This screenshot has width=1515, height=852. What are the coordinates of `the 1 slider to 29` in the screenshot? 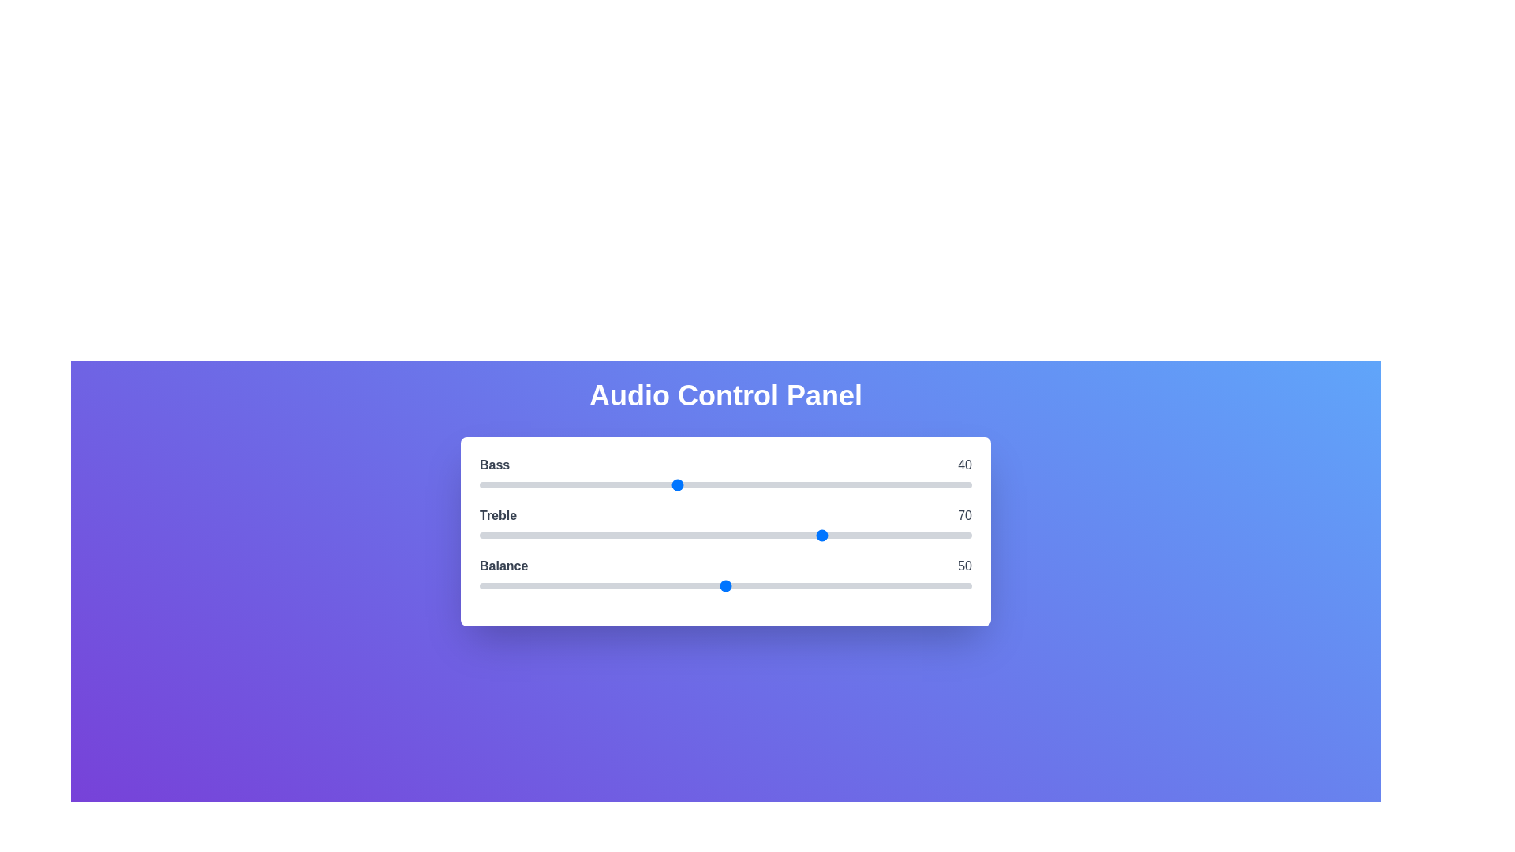 It's located at (621, 534).